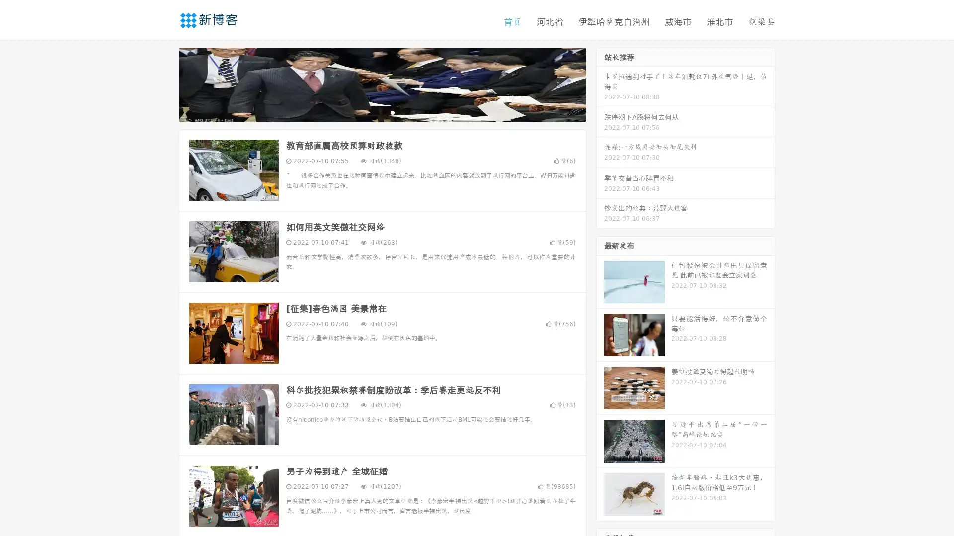 Image resolution: width=954 pixels, height=536 pixels. I want to click on Go to slide 3, so click(392, 112).